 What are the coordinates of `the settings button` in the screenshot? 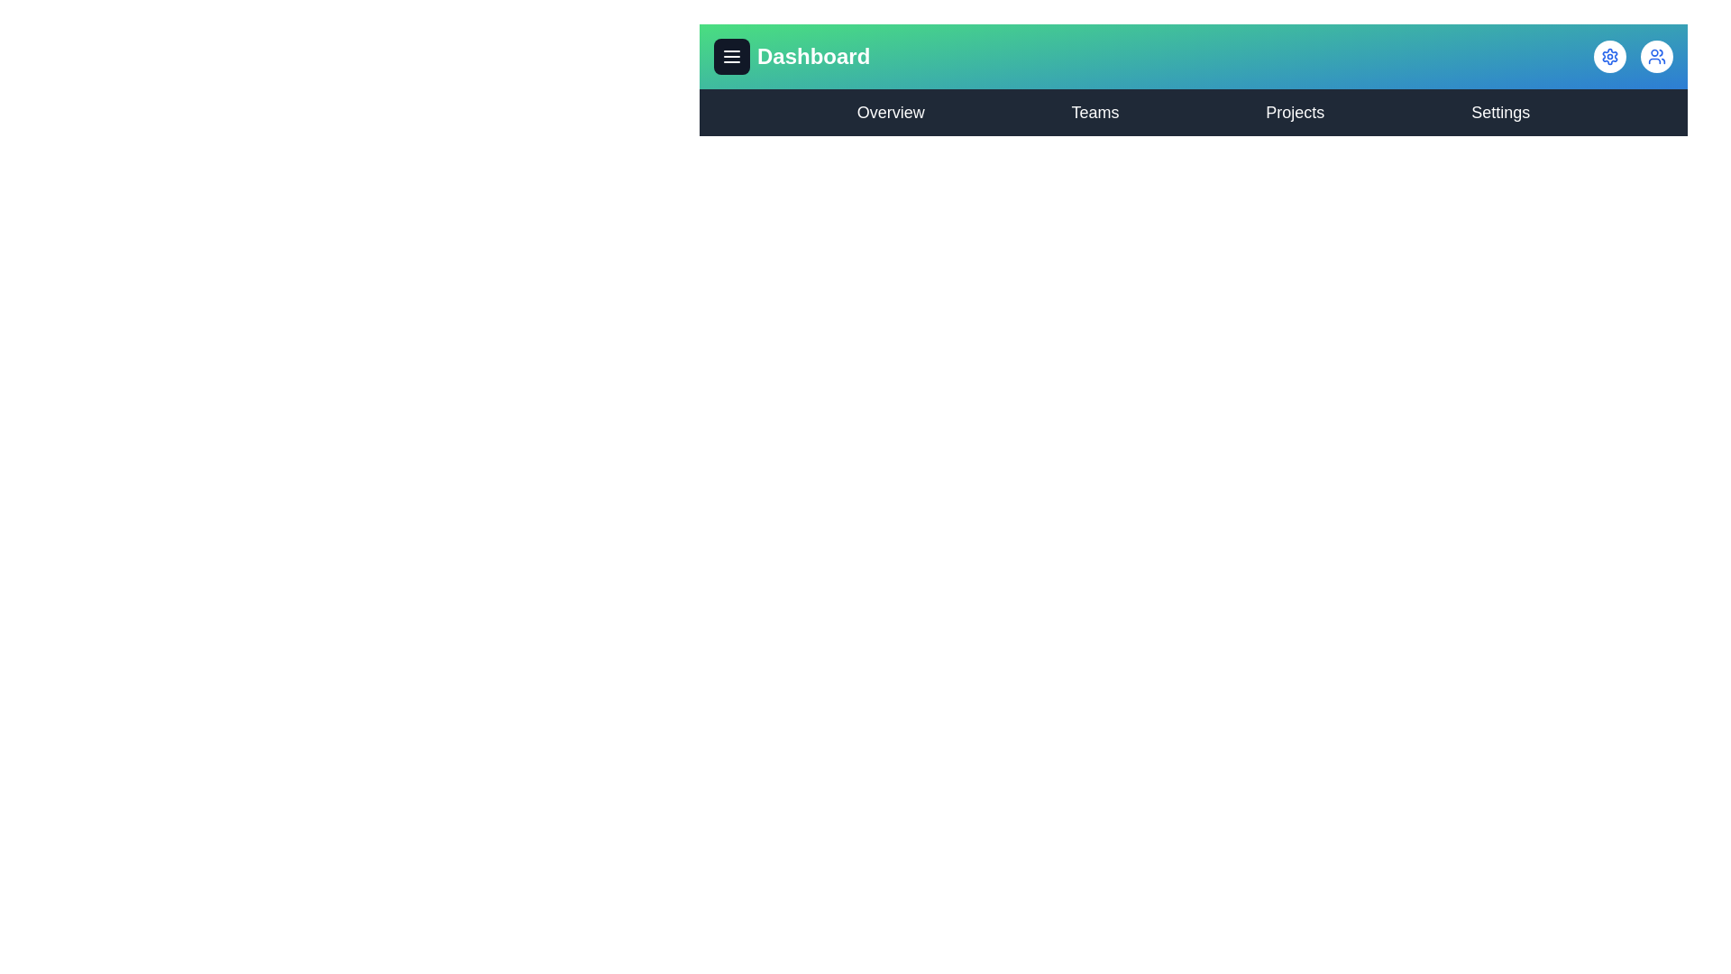 It's located at (1609, 55).